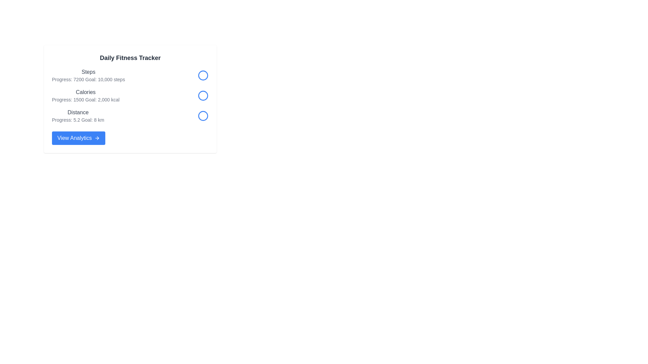 This screenshot has height=364, width=648. What do you see at coordinates (130, 58) in the screenshot?
I see `the title/header text element that summarizes the user's fitness tracking data, positioned at the top of the card` at bounding box center [130, 58].